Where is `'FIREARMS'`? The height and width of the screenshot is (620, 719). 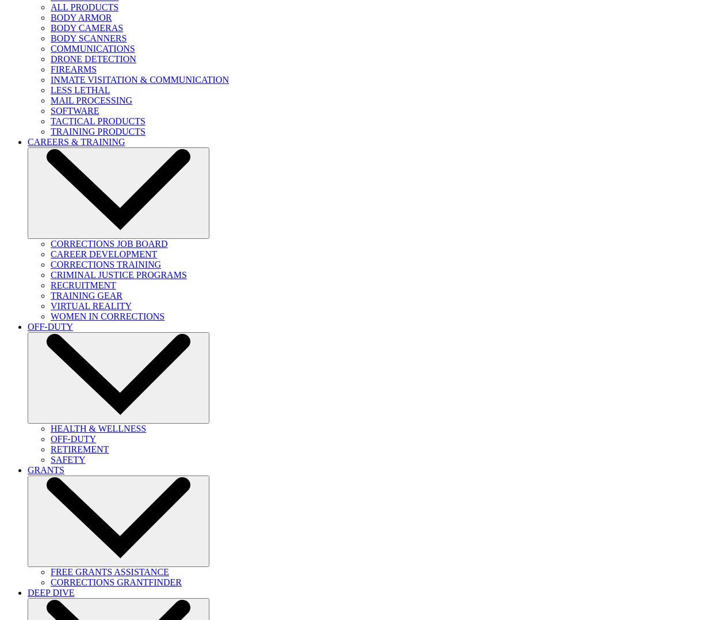 'FIREARMS' is located at coordinates (74, 69).